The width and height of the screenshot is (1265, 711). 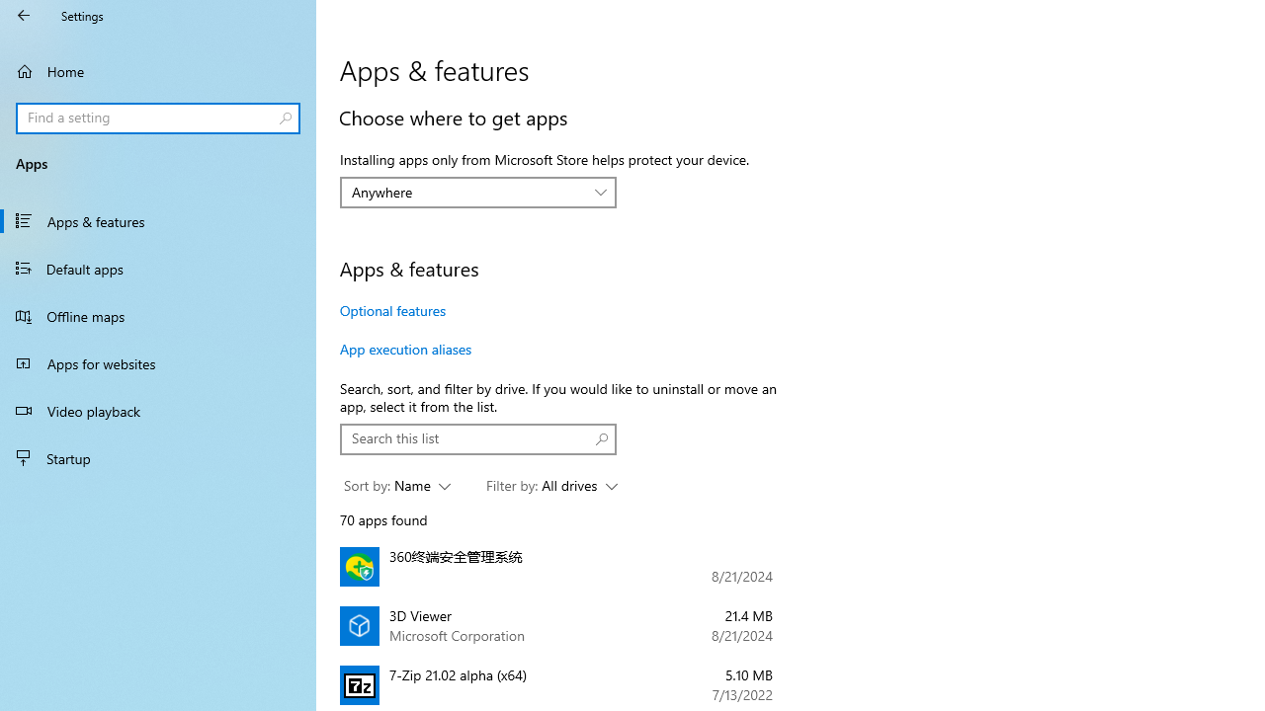 I want to click on 'Anywhere', so click(x=466, y=192).